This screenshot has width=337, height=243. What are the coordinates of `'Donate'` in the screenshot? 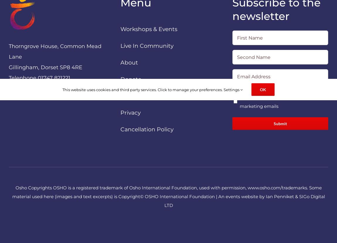 It's located at (131, 79).